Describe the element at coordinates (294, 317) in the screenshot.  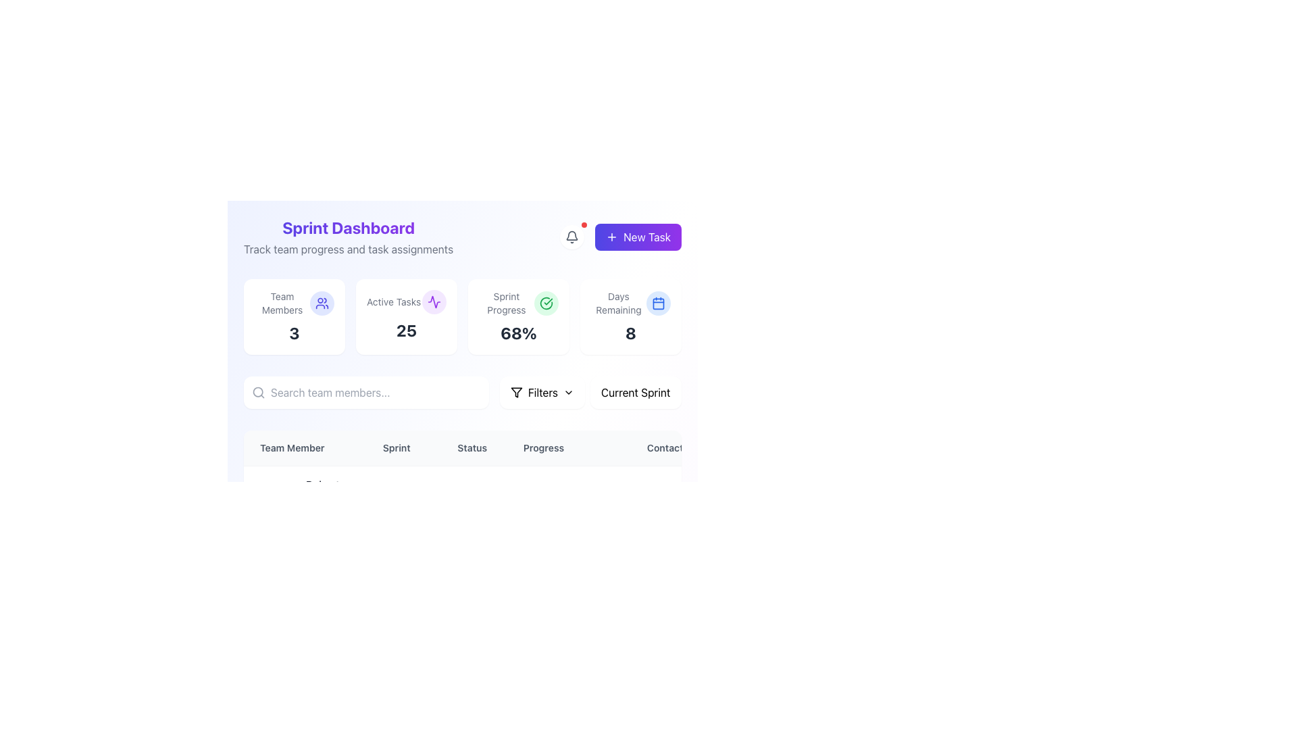
I see `the card displaying the total number of team members, which shows '3' and is located in the top-left corner of the grid layout` at that location.